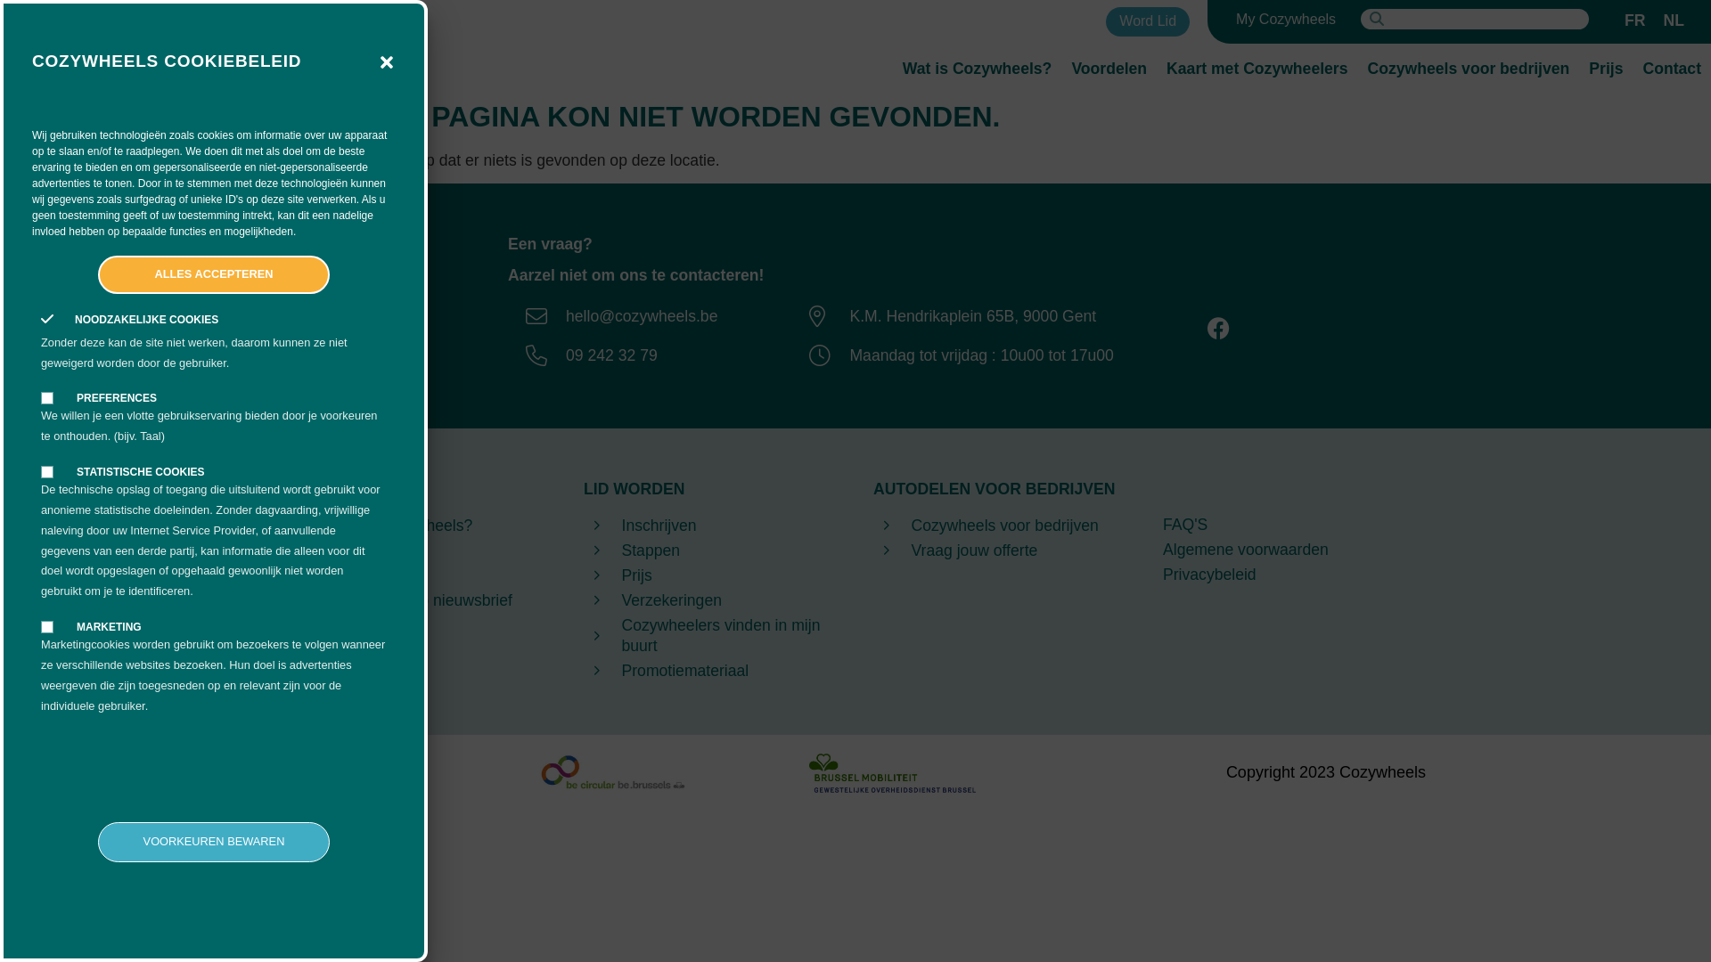 Image resolution: width=1711 pixels, height=962 pixels. What do you see at coordinates (1163, 524) in the screenshot?
I see `'FAQ'S'` at bounding box center [1163, 524].